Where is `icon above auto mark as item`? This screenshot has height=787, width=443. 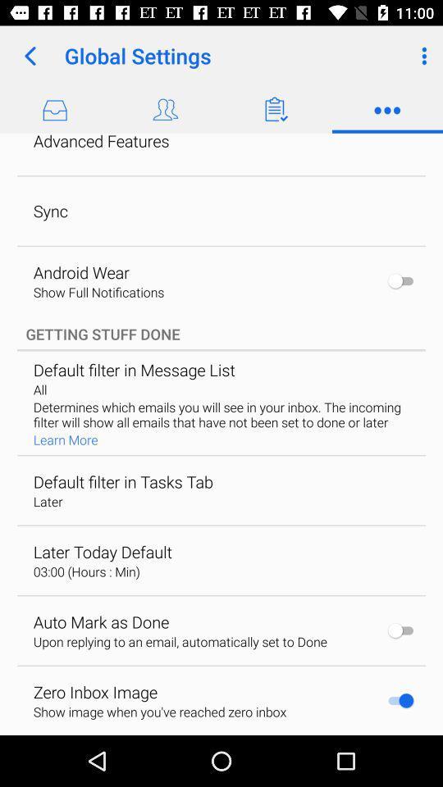
icon above auto mark as item is located at coordinates (86, 571).